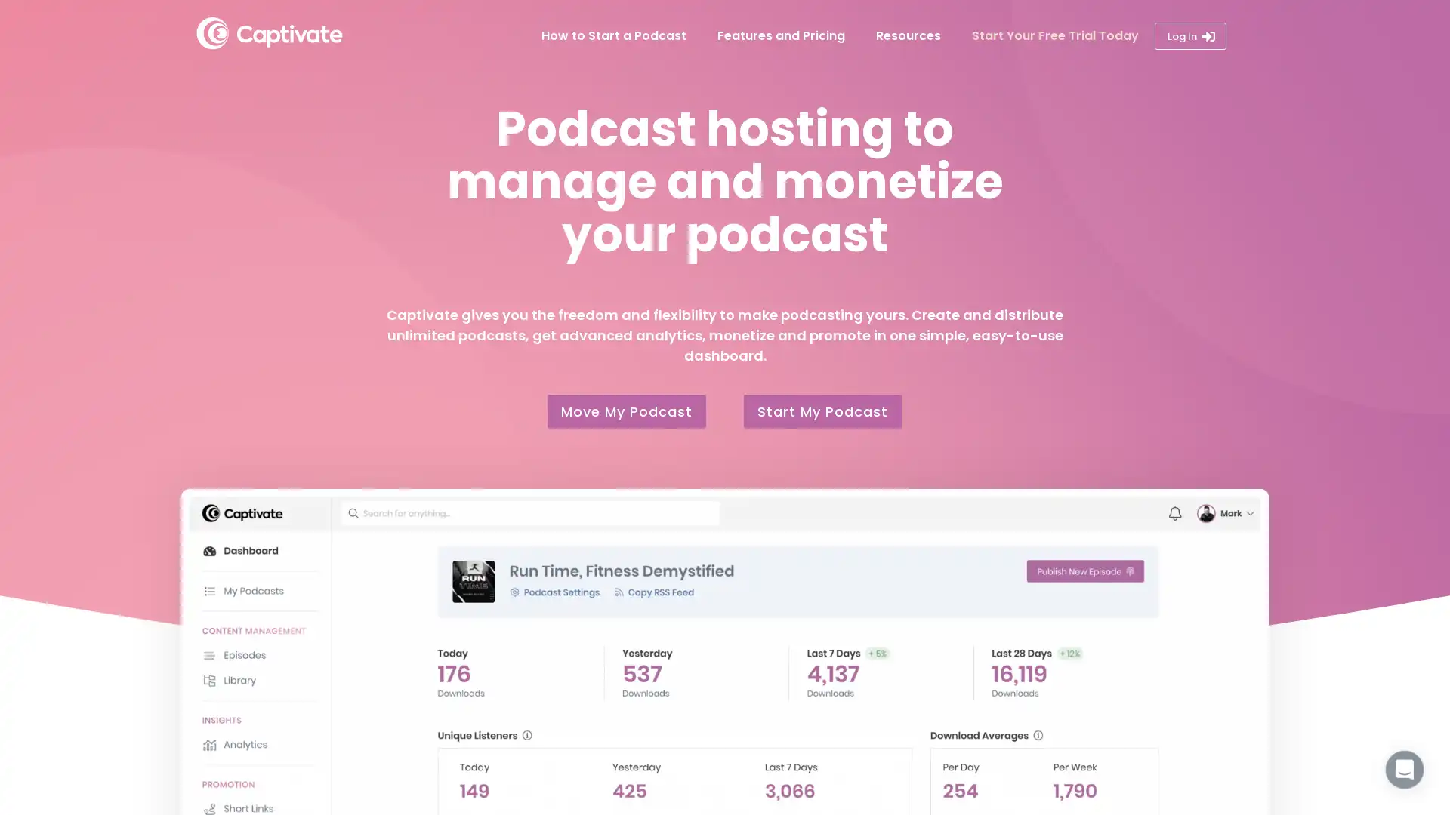 The height and width of the screenshot is (815, 1450). What do you see at coordinates (822, 411) in the screenshot?
I see `Start My Podcast` at bounding box center [822, 411].